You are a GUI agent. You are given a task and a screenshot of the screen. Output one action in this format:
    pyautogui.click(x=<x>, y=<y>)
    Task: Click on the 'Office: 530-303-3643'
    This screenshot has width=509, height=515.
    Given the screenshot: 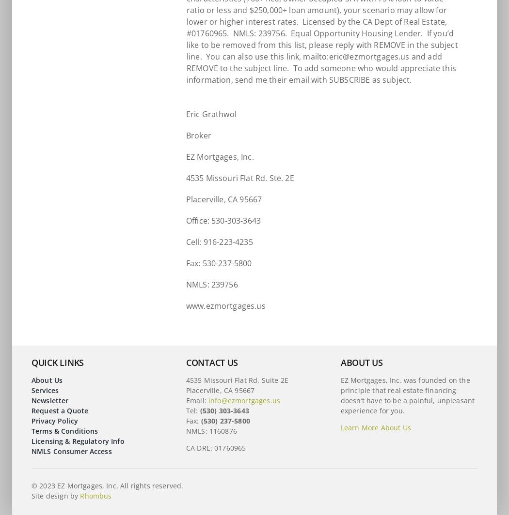 What is the action you would take?
    pyautogui.click(x=223, y=221)
    